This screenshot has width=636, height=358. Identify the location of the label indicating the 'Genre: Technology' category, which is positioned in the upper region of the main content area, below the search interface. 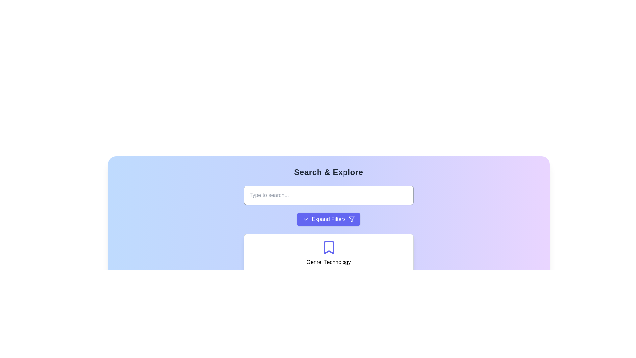
(329, 262).